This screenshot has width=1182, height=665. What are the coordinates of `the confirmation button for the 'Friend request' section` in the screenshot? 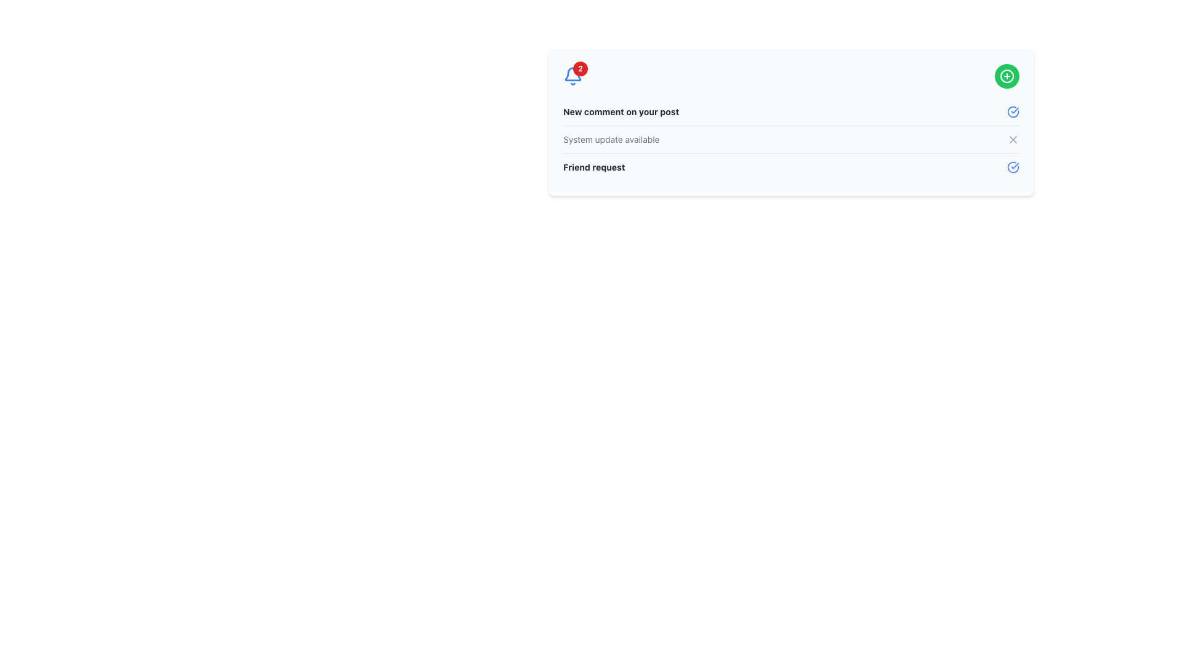 It's located at (1013, 167).